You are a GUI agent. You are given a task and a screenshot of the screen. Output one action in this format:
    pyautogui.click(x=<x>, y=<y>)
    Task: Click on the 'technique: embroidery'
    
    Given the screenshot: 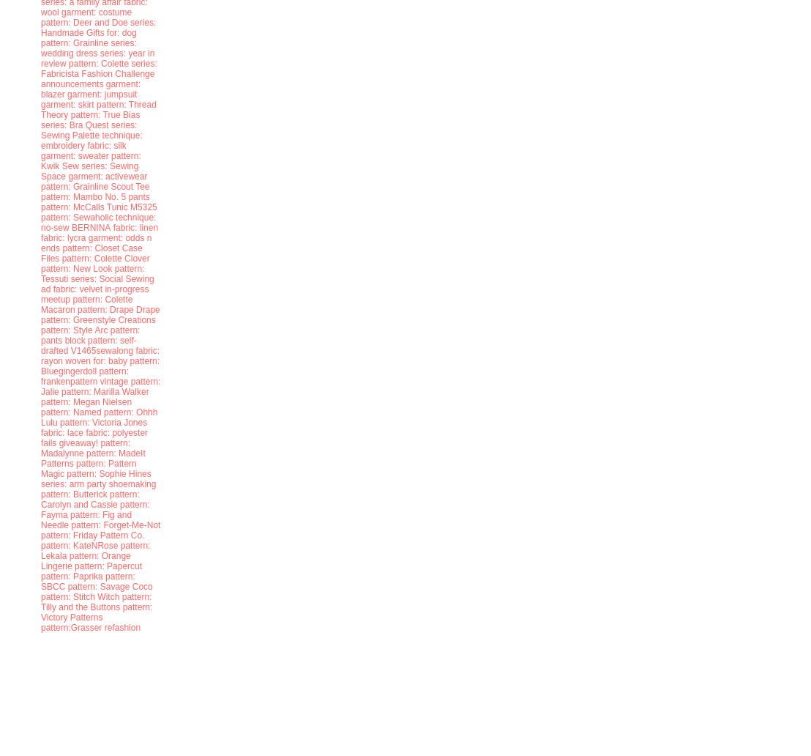 What is the action you would take?
    pyautogui.click(x=91, y=139)
    